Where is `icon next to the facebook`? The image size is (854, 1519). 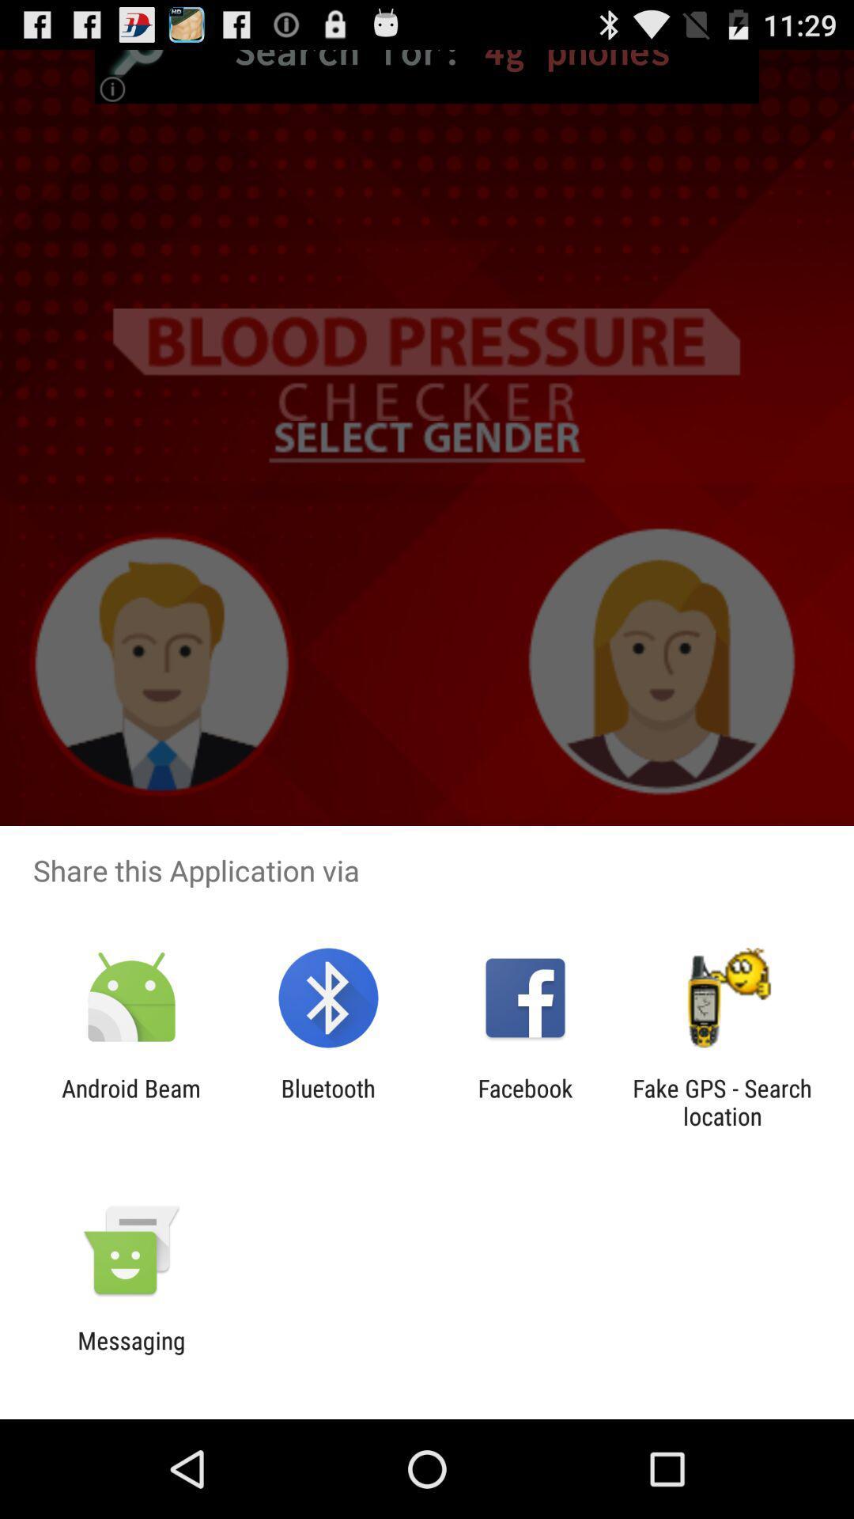
icon next to the facebook is located at coordinates (722, 1101).